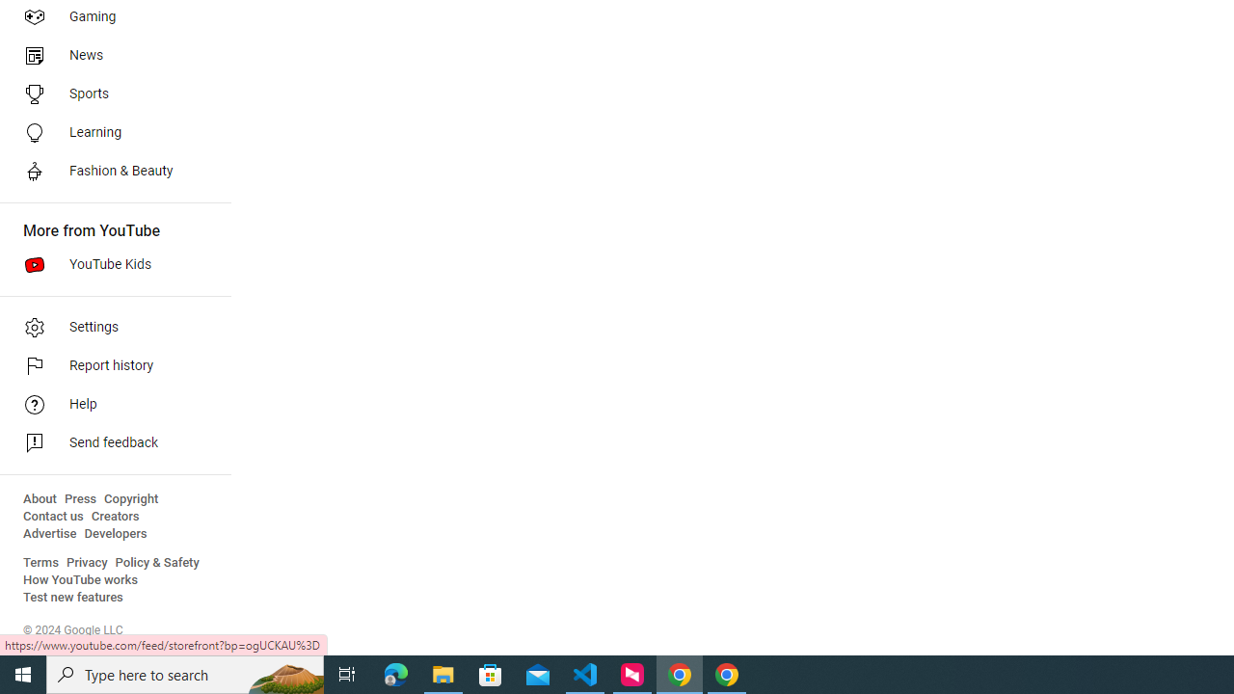 This screenshot has width=1234, height=694. I want to click on 'Advertise', so click(49, 534).